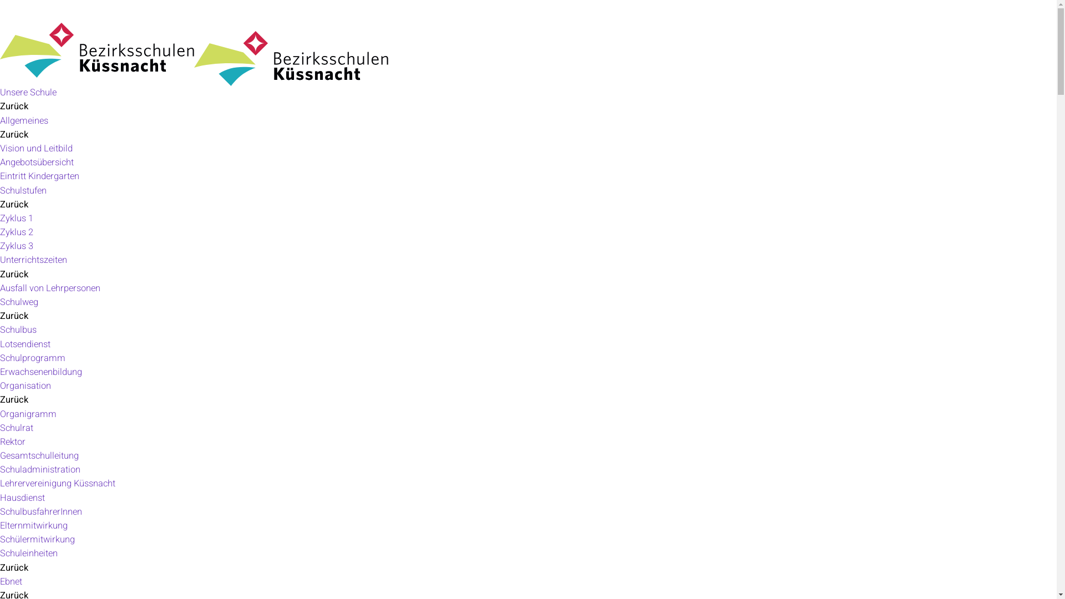 This screenshot has width=1065, height=599. What do you see at coordinates (19, 302) in the screenshot?
I see `'Schulweg'` at bounding box center [19, 302].